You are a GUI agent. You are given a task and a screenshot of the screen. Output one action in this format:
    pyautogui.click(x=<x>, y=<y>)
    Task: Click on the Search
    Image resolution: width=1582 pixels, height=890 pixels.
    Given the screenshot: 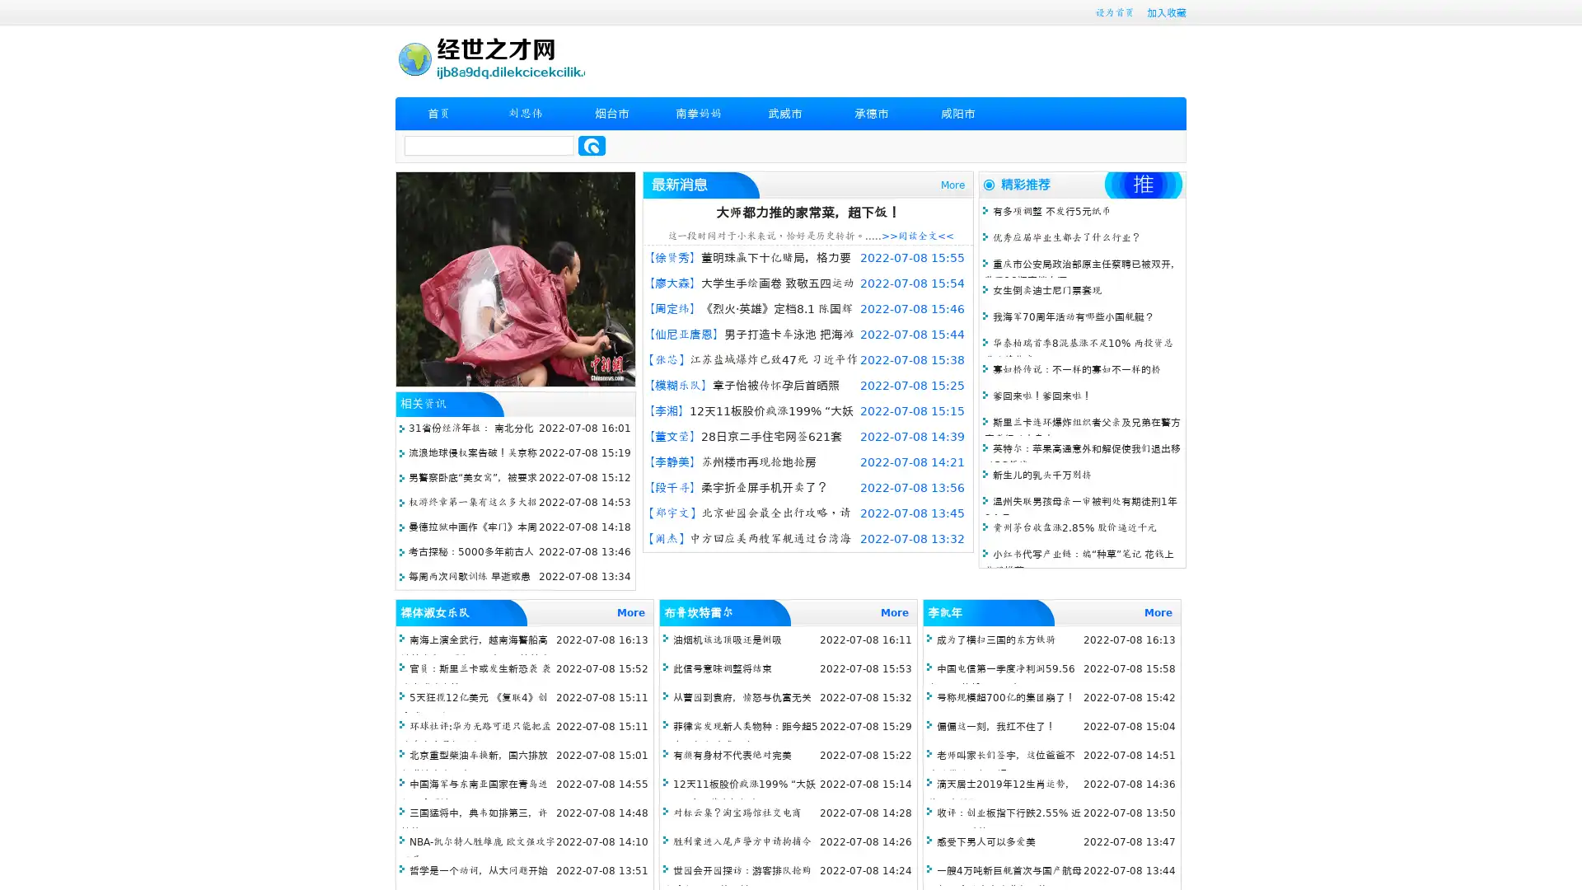 What is the action you would take?
    pyautogui.click(x=592, y=145)
    